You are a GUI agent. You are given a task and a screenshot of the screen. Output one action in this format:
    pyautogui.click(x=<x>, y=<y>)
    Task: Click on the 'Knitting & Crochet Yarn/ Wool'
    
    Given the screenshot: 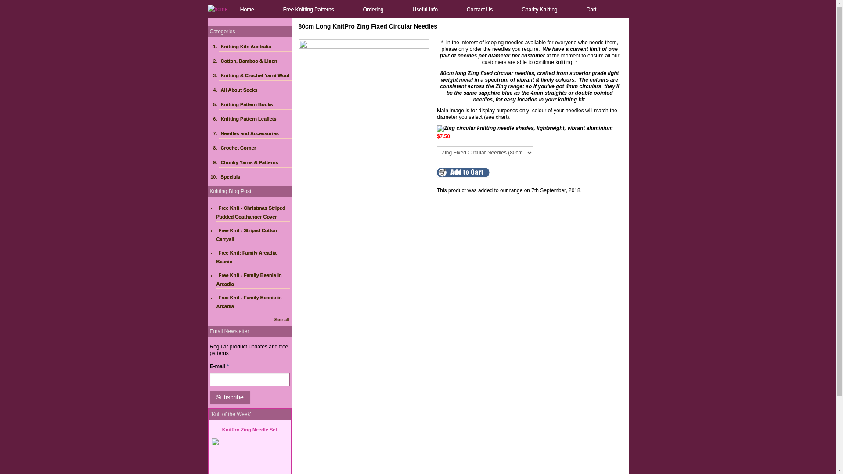 What is the action you would take?
    pyautogui.click(x=255, y=75)
    